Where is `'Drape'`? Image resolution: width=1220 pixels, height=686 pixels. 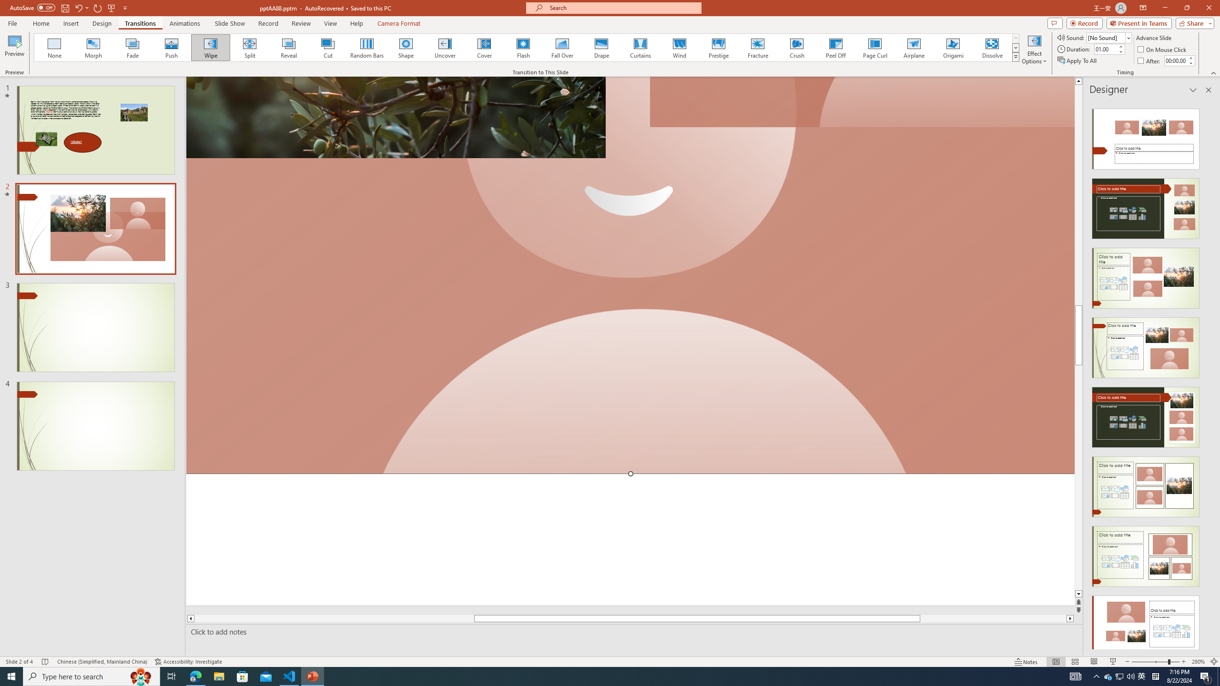
'Drape' is located at coordinates (601, 47).